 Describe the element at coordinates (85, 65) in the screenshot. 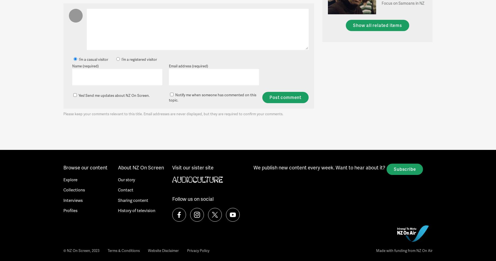

I see `'Name (required)'` at that location.